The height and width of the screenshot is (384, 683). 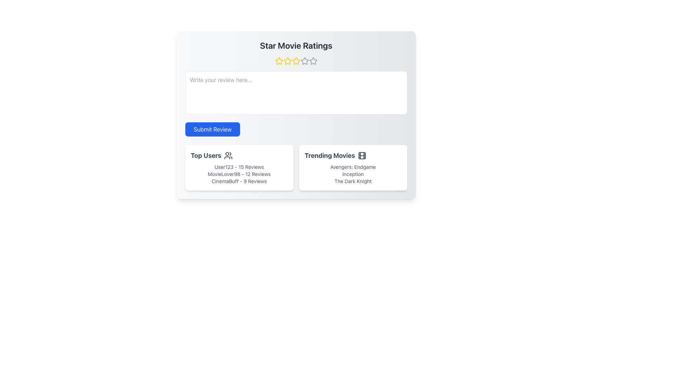 I want to click on the first yellow star icon in the rating section below 'Star Movie Ratings' for the review submission interface, so click(x=279, y=61).